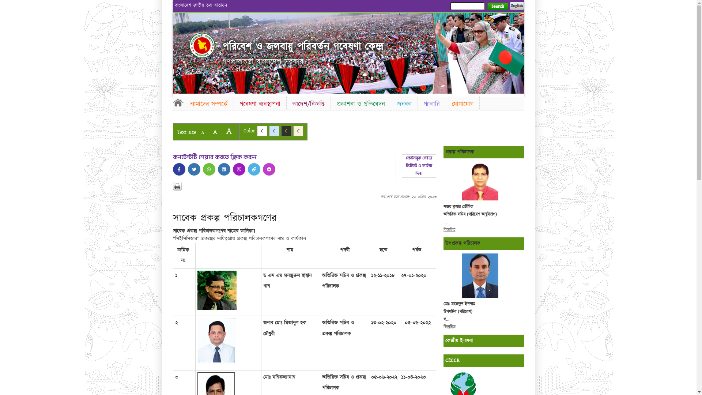  What do you see at coordinates (222, 131) in the screenshot?
I see `'A'` at bounding box center [222, 131].